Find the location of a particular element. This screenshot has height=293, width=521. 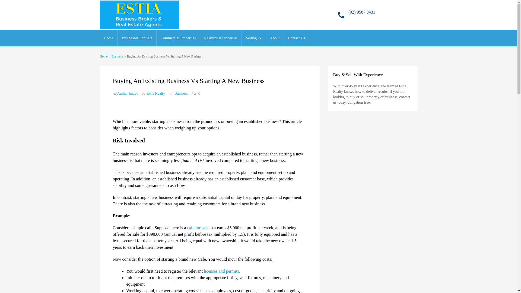

'Contact Us' is located at coordinates (296, 38).